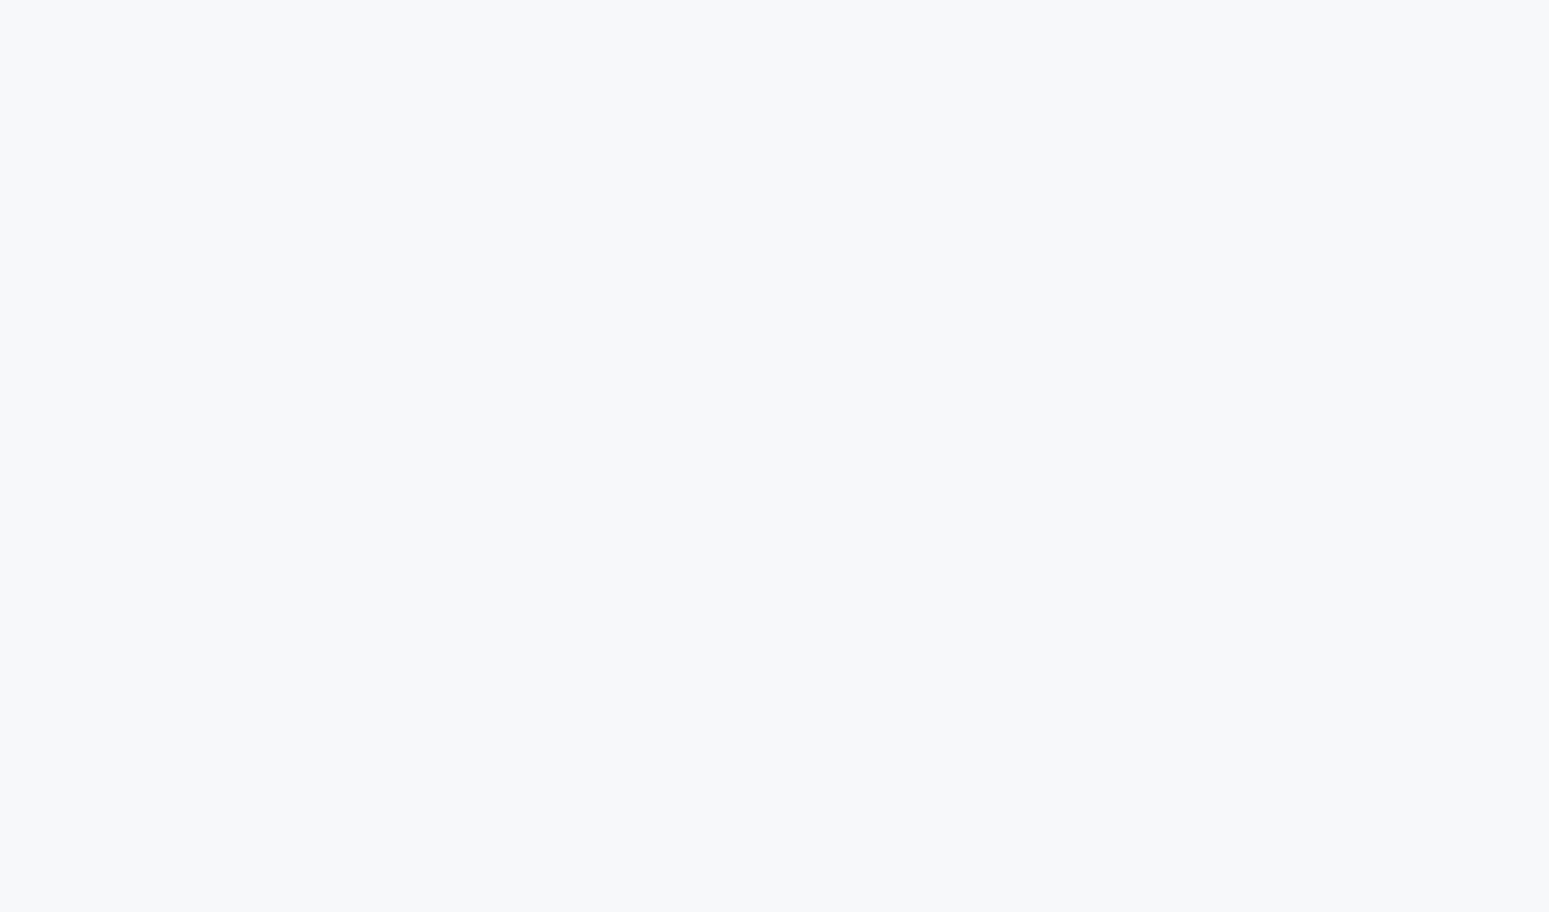 This screenshot has height=912, width=1549. Describe the element at coordinates (634, 786) in the screenshot. I see `'Site Map'` at that location.